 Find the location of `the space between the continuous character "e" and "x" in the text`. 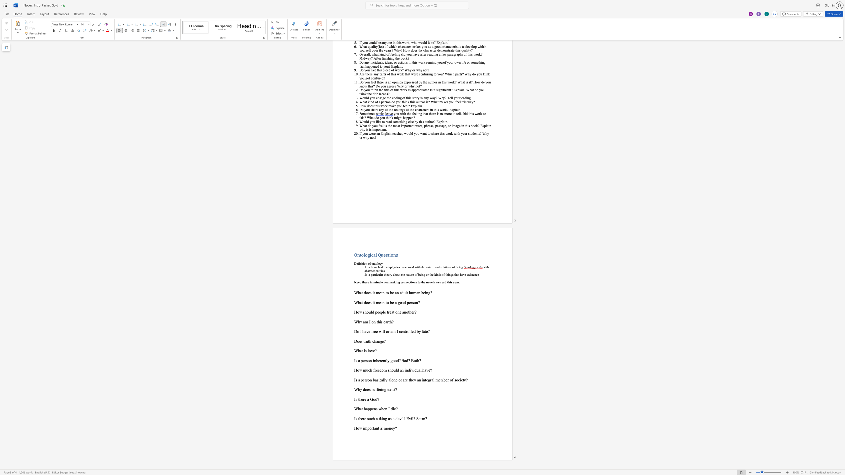

the space between the continuous character "e" and "x" in the text is located at coordinates (389, 389).